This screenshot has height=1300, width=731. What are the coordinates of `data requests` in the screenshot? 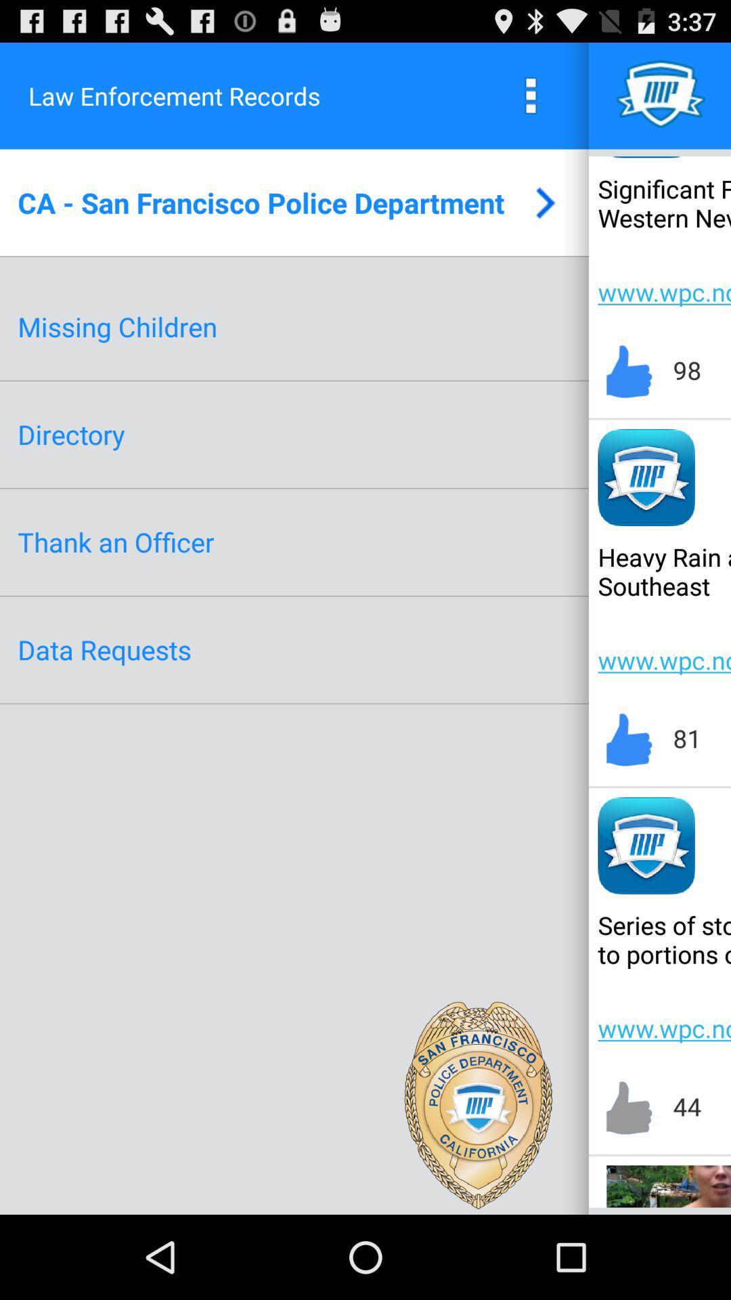 It's located at (104, 649).